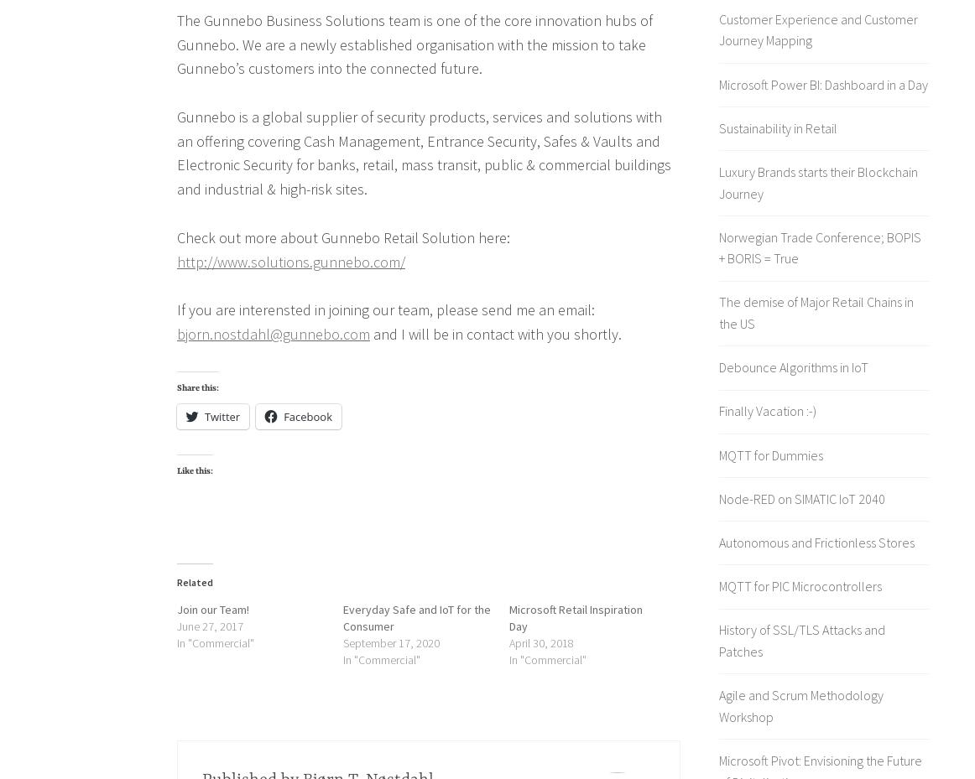 This screenshot has height=779, width=975. I want to click on 'bjorn.nostdahl@gunnebo.com', so click(273, 333).